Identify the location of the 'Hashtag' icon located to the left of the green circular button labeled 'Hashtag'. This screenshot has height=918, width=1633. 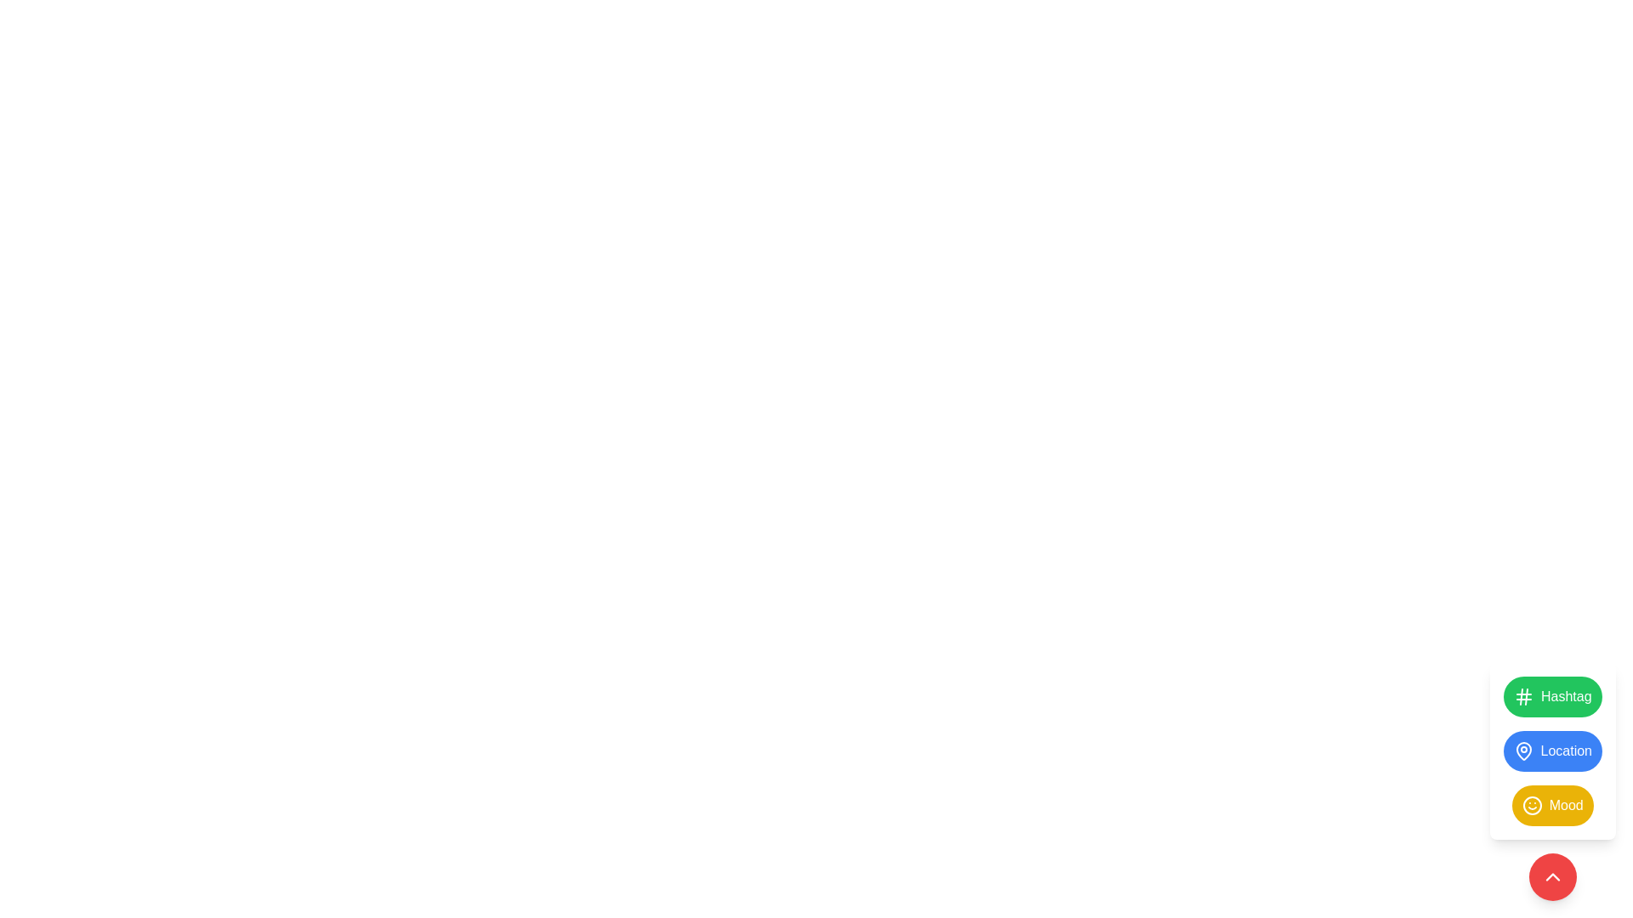
(1523, 697).